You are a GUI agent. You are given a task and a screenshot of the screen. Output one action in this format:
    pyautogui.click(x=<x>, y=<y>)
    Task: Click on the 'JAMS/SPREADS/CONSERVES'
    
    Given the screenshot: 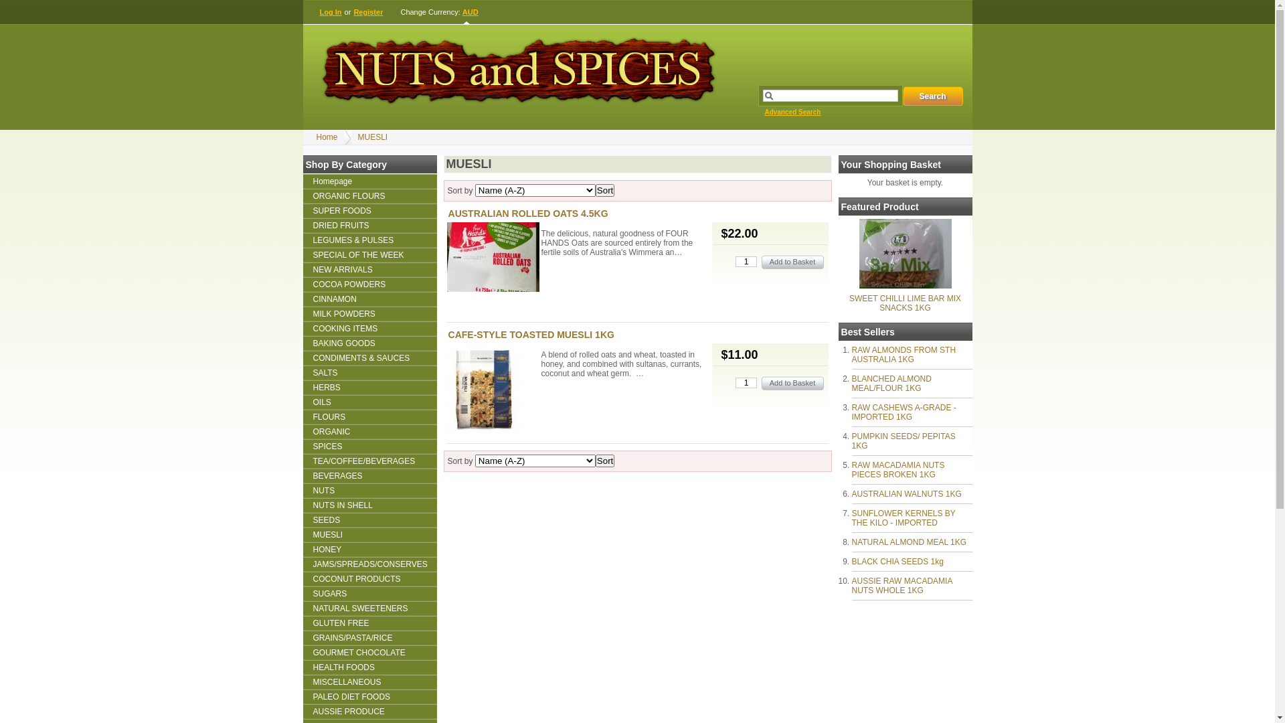 What is the action you would take?
    pyautogui.click(x=369, y=564)
    